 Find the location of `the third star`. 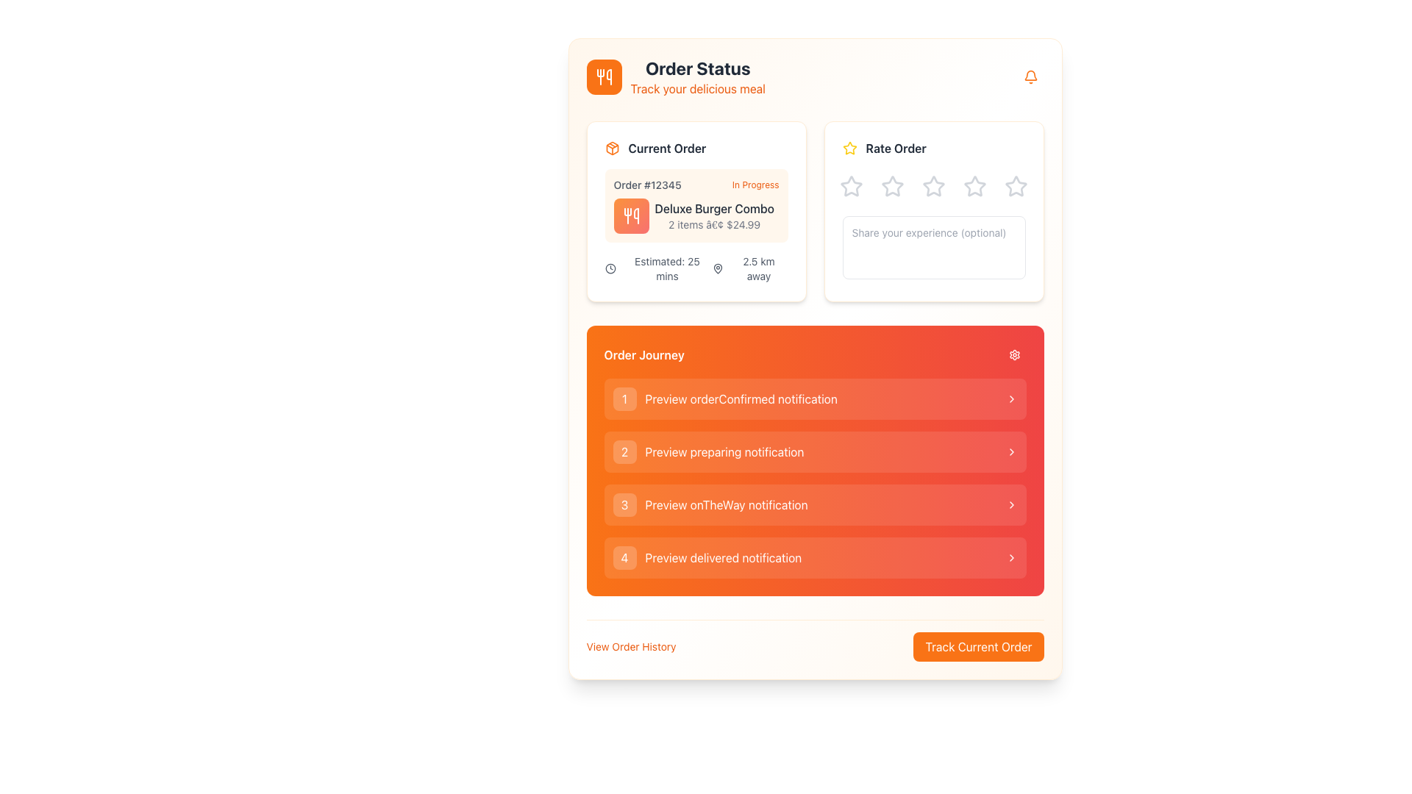

the third star is located at coordinates (933, 186).